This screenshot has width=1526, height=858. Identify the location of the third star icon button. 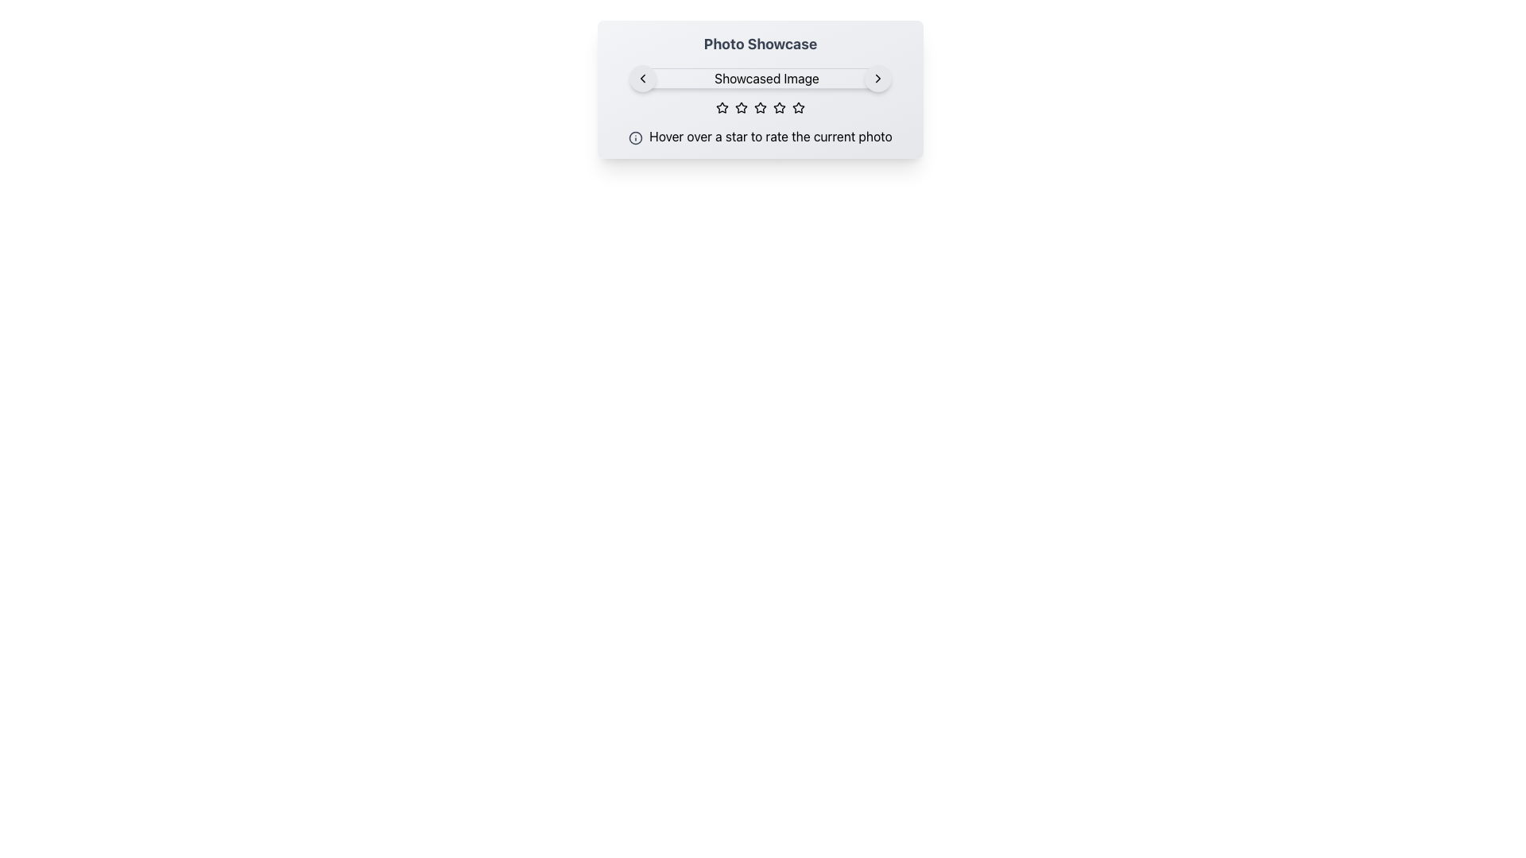
(740, 107).